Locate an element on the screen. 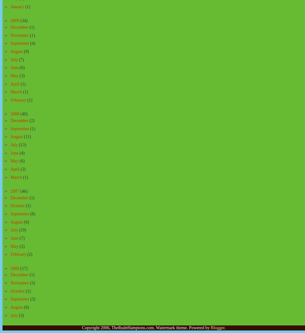 The image size is (305, 333). '(40)' is located at coordinates (20, 114).